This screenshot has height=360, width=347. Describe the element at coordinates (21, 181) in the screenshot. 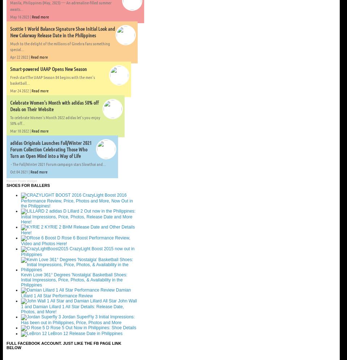

I see `'Recent Posts Widget'` at that location.